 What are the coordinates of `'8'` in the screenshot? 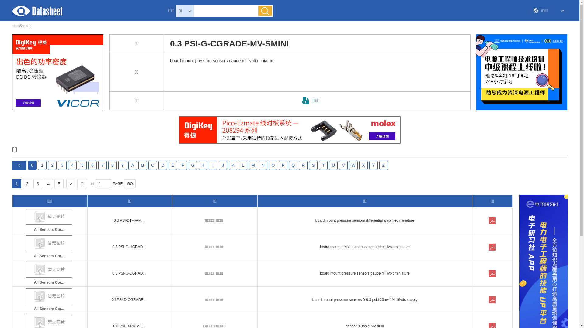 It's located at (112, 165).